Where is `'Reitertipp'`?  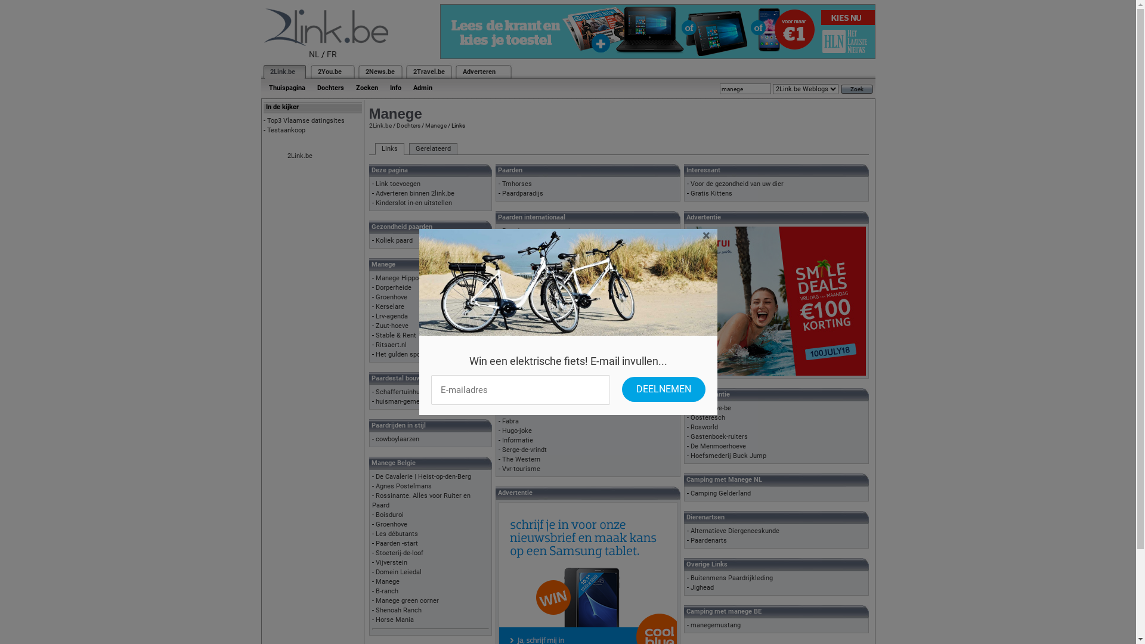
'Reitertipp' is located at coordinates (516, 288).